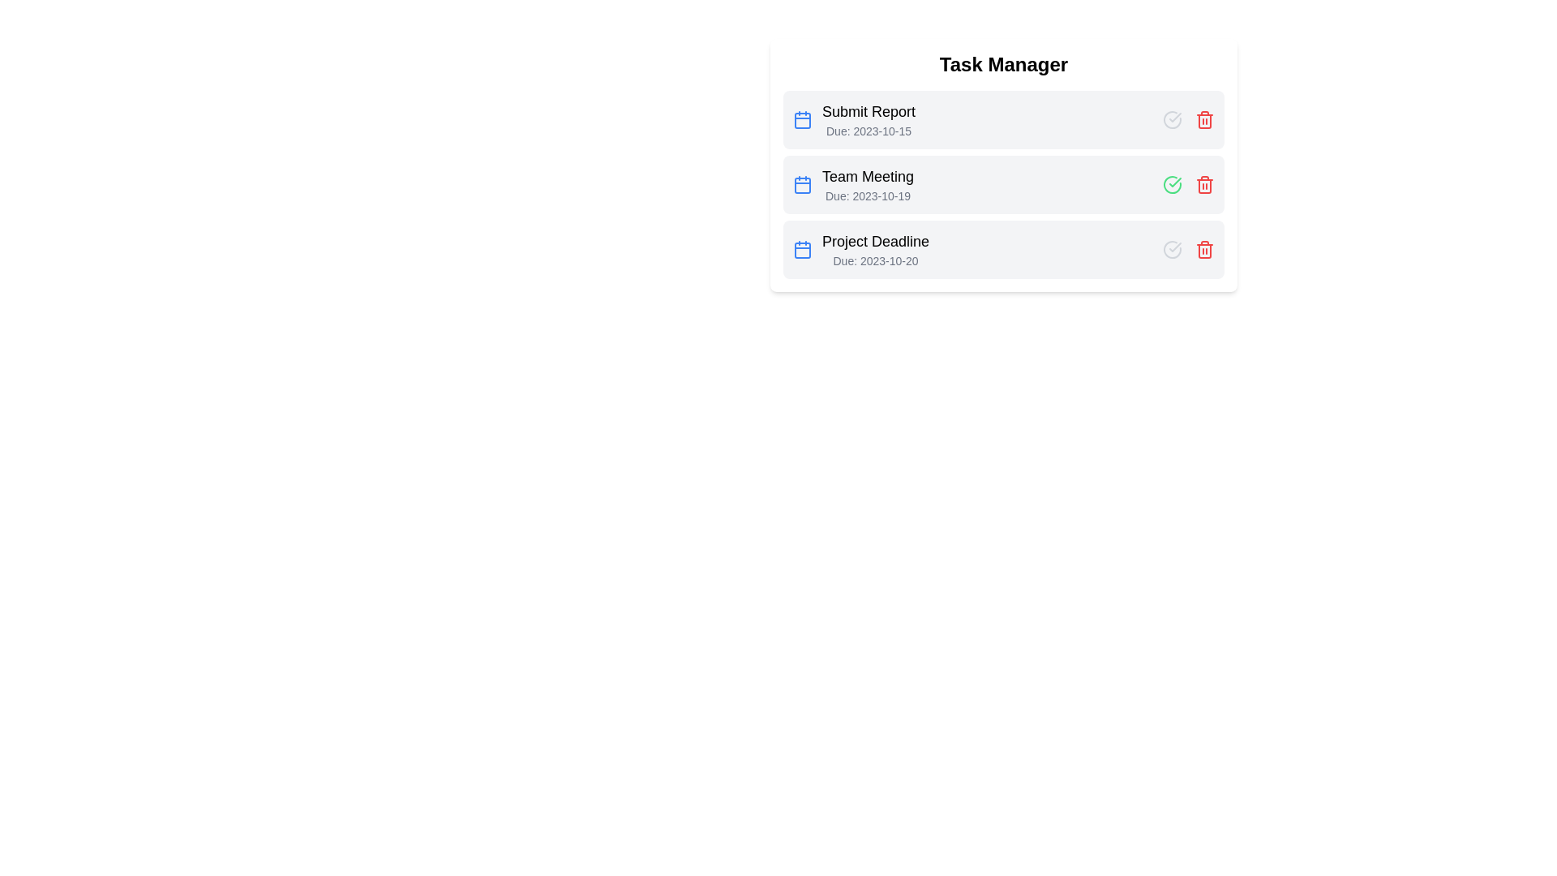 The image size is (1557, 876). I want to click on 'Remove task' button for the task titled 'Project Deadline', so click(1205, 250).